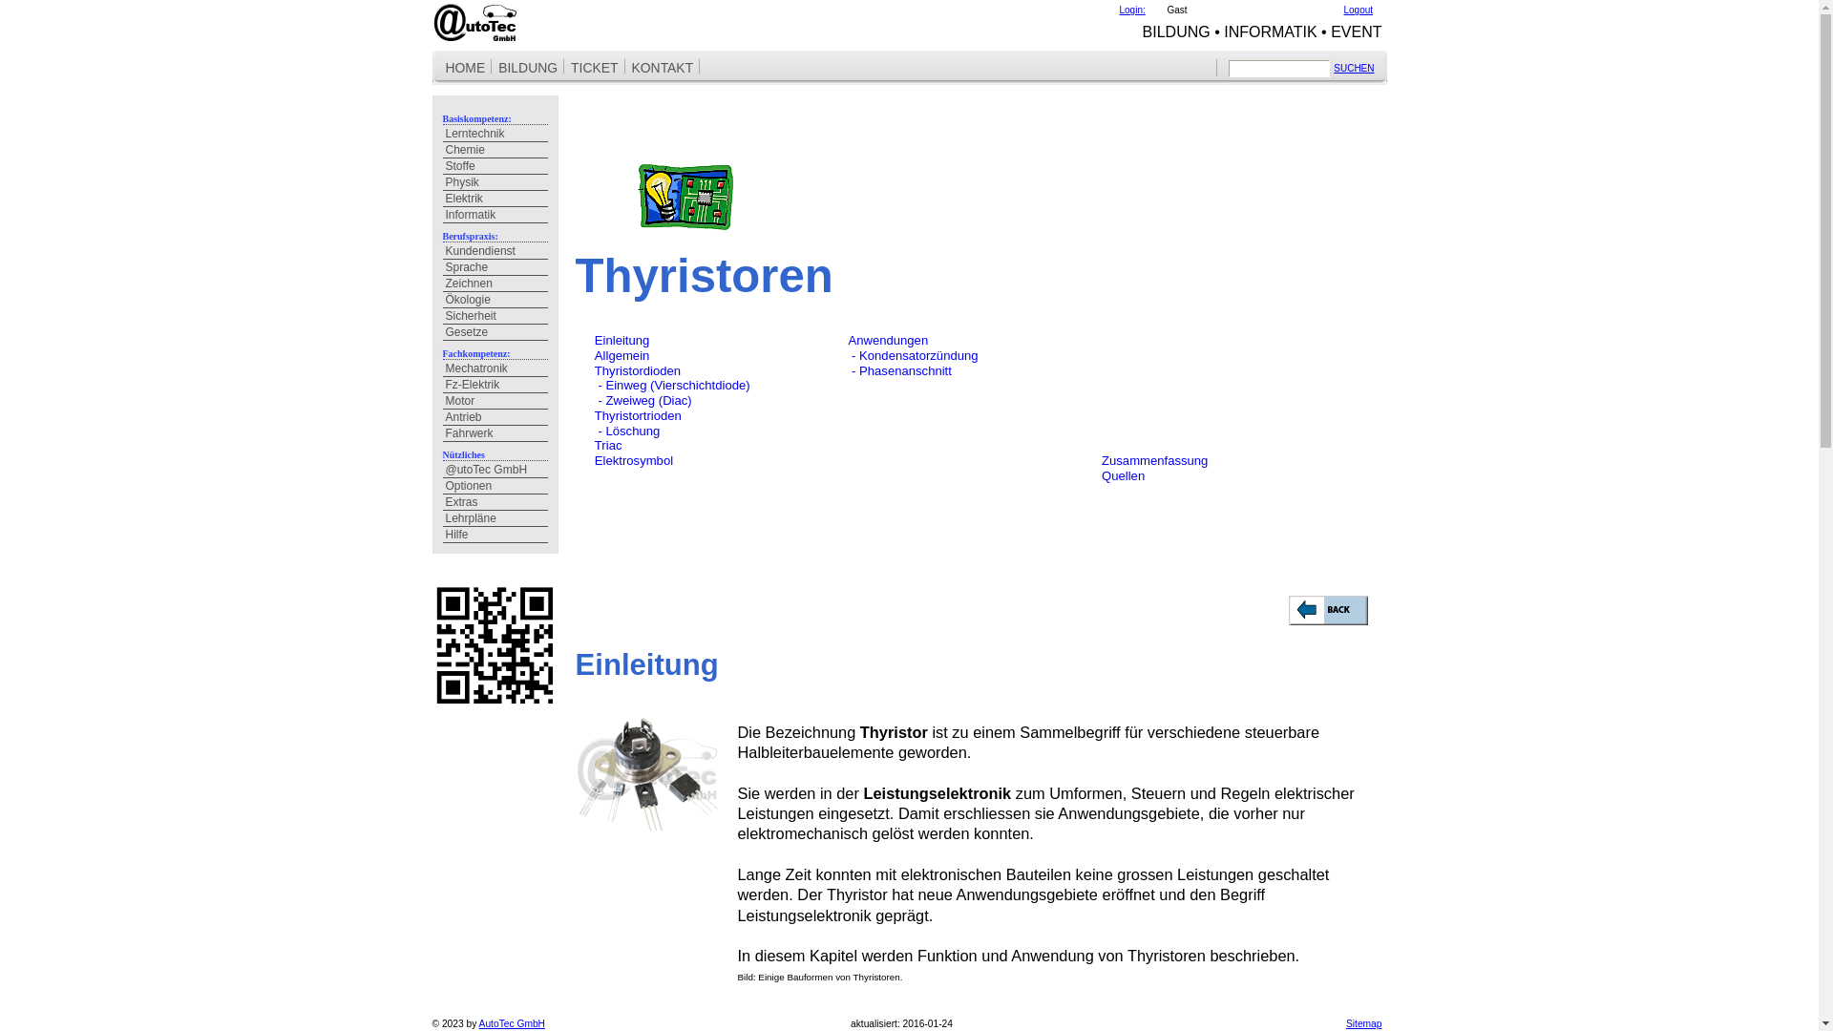  What do you see at coordinates (495, 501) in the screenshot?
I see `'Extras'` at bounding box center [495, 501].